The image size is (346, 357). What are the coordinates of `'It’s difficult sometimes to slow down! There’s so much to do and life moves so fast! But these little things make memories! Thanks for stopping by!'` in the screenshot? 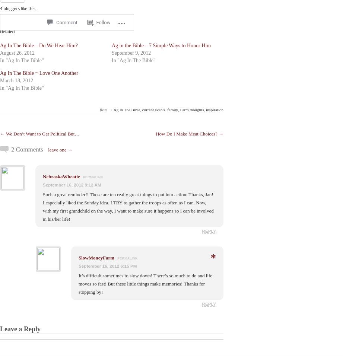 It's located at (78, 284).